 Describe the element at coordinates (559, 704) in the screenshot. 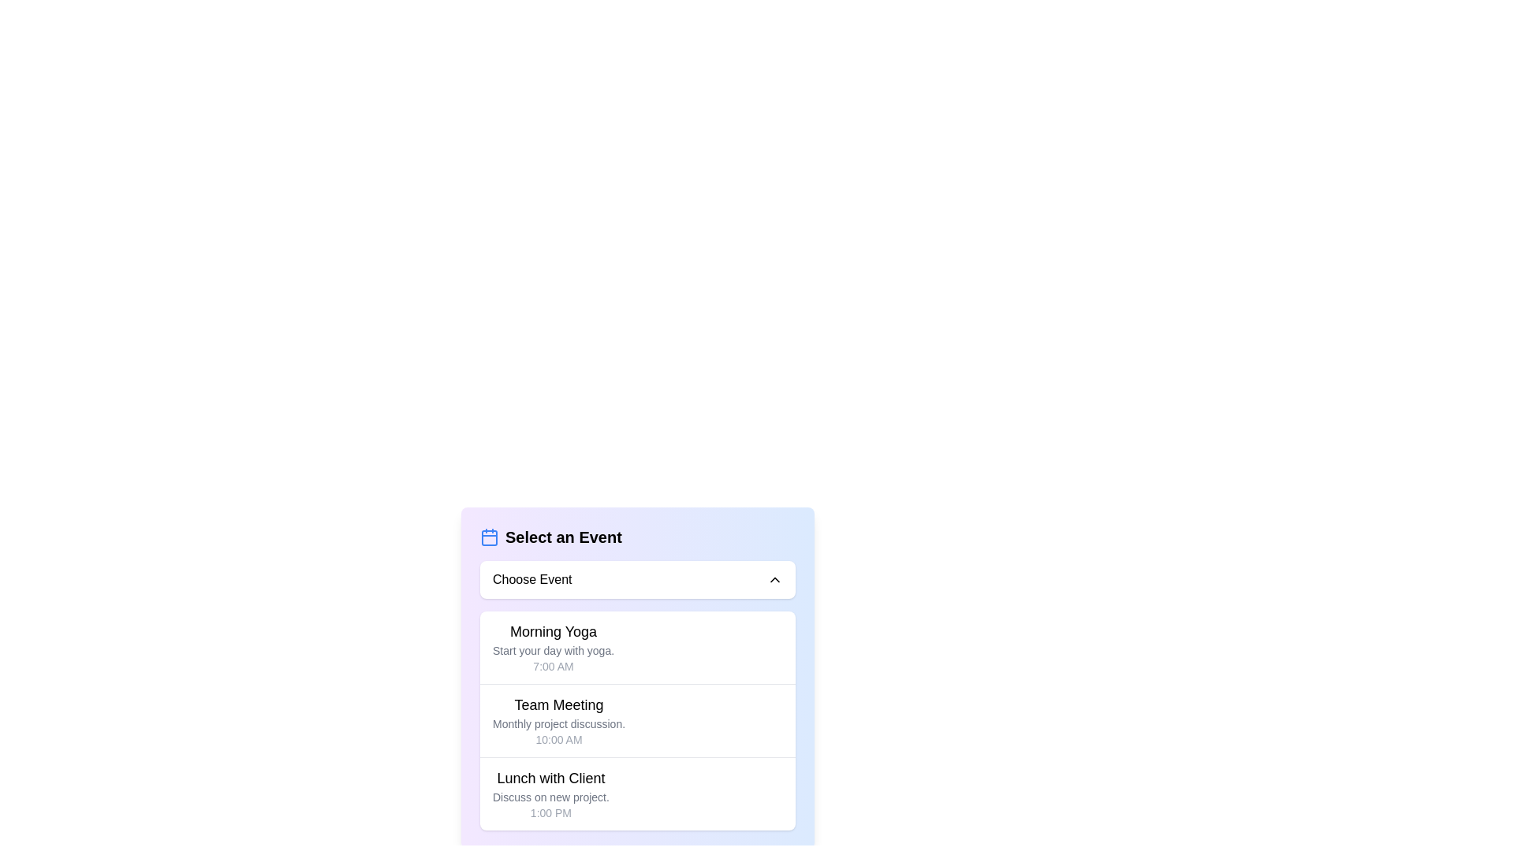

I see `the text element 'Team Meeting', which is styled in bold and positioned prominently above other descriptive texts and time details` at that location.